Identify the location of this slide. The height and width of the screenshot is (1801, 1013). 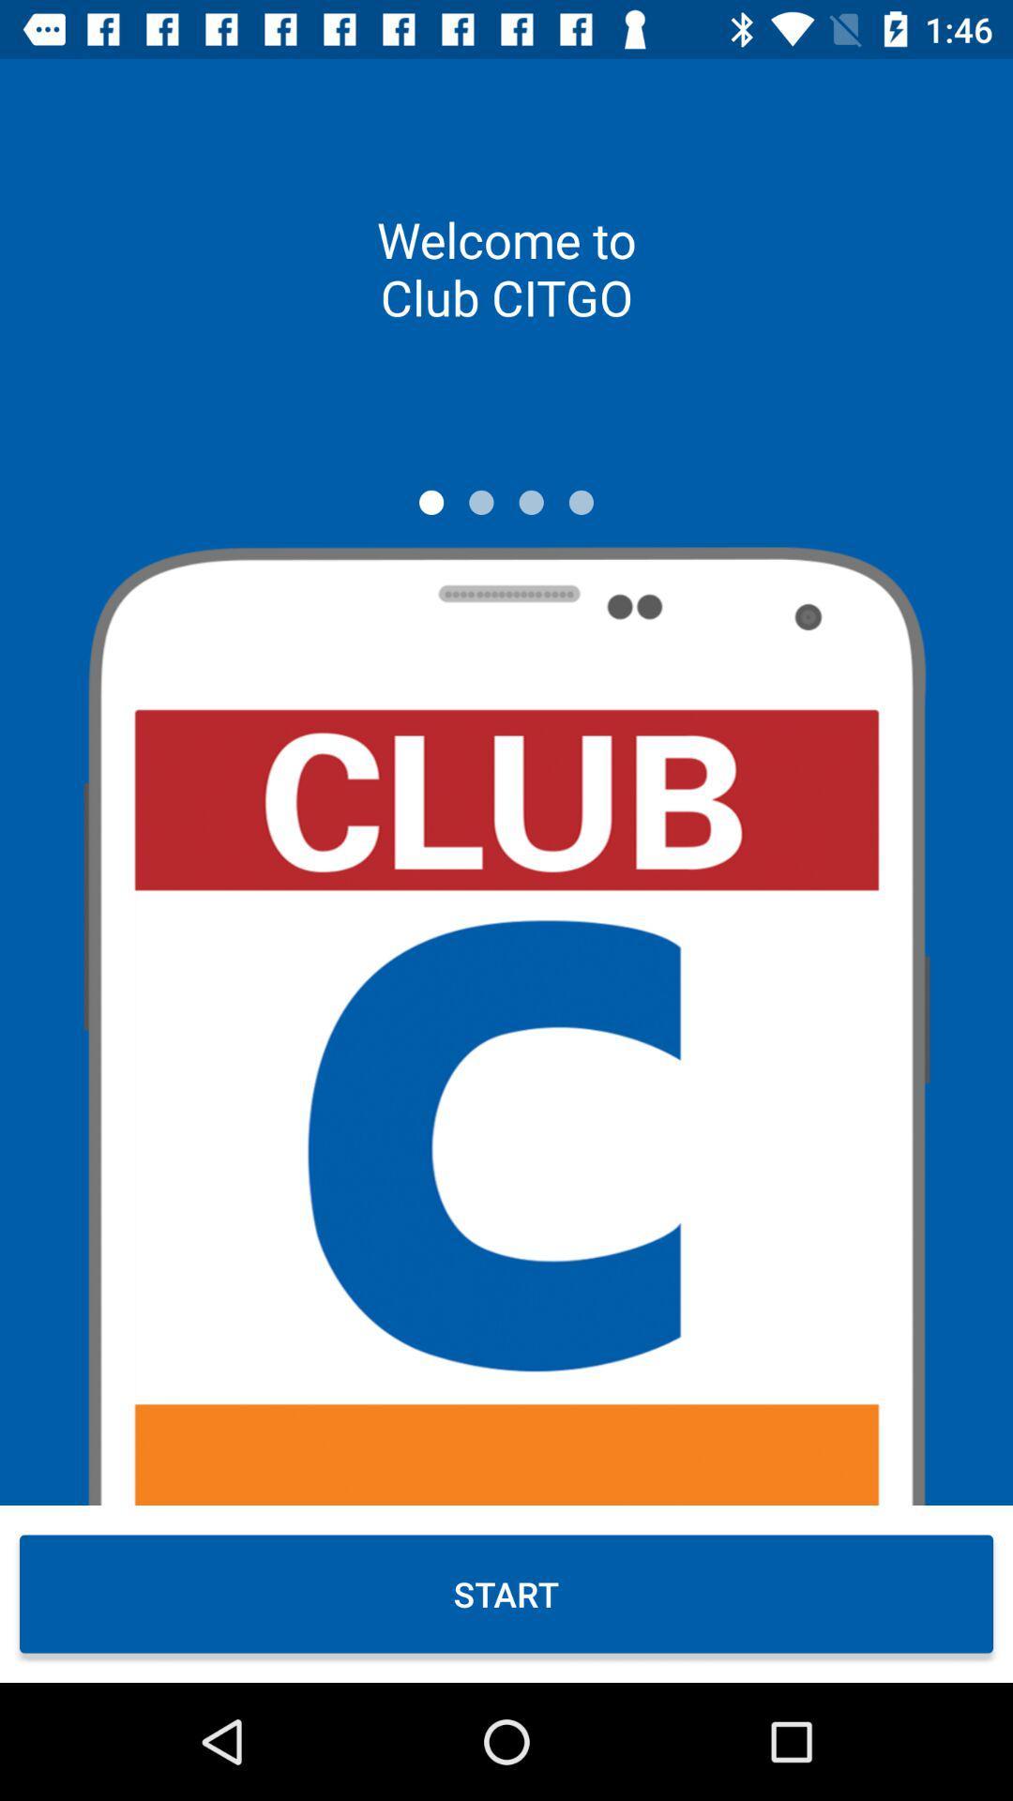
(431, 502).